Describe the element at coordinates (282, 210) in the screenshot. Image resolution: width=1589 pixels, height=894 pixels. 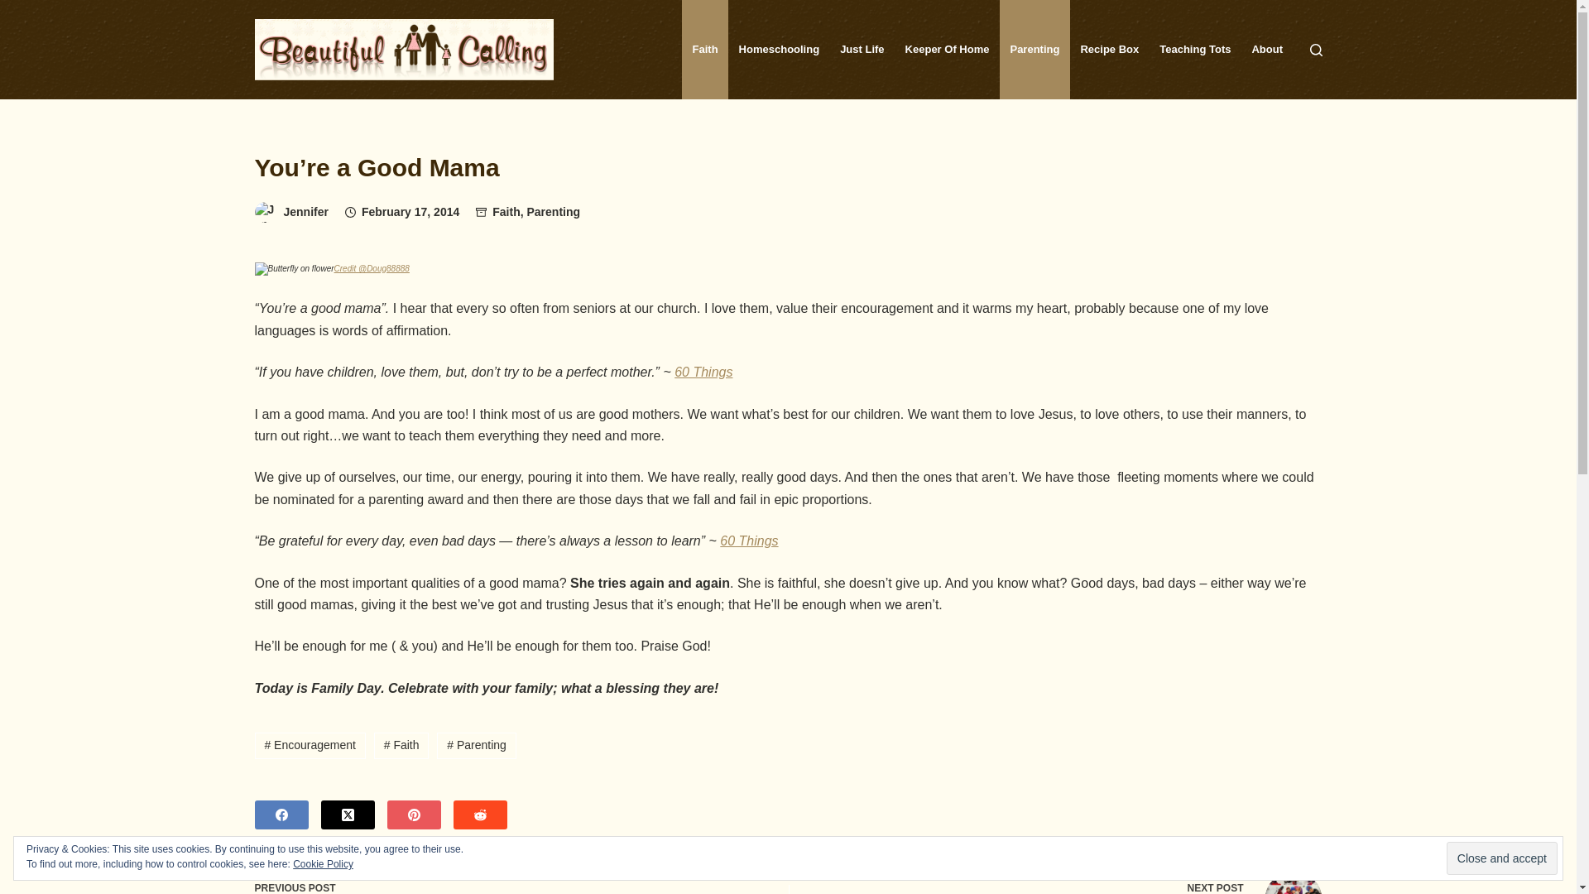
I see `'Jennifer'` at that location.